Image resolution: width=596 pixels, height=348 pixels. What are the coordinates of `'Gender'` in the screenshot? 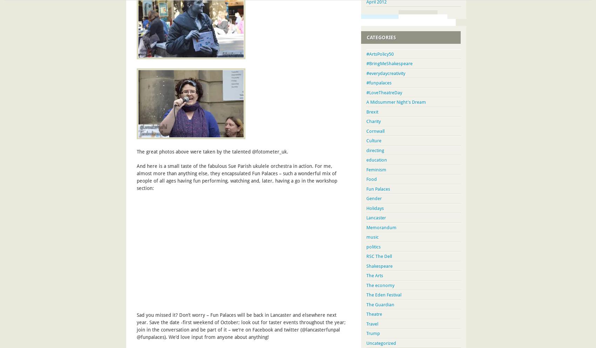 It's located at (374, 198).